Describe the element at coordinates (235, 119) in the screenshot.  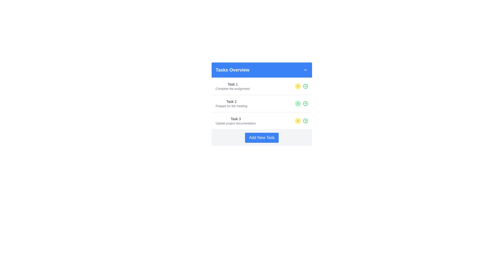
I see `text of the Text label that titles the third task in the 'Tasks Overview' section, located above the description 'Update project documentation'` at that location.